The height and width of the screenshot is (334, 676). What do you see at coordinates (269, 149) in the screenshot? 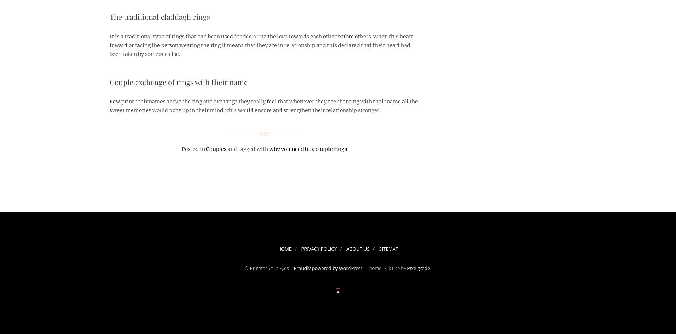
I see `'why you need buy couple rings'` at bounding box center [269, 149].